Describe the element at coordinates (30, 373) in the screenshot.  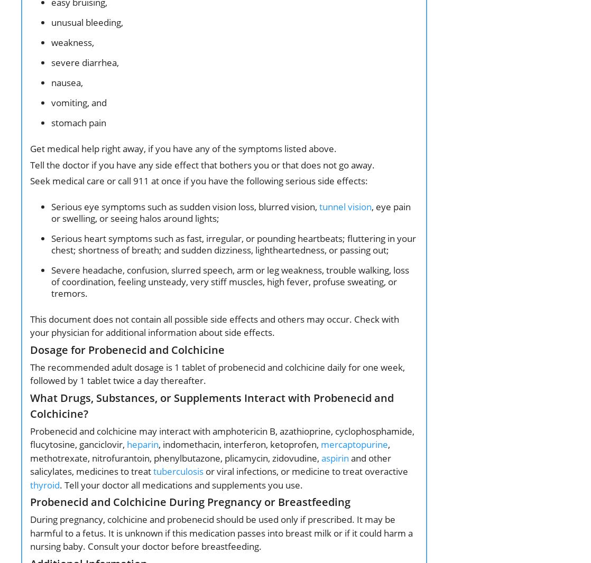
I see `'The recommended adult dosage is 1 tablet of probenecid and colchicine daily for one week, followed by 1 tablet twice a day thereafter.'` at that location.